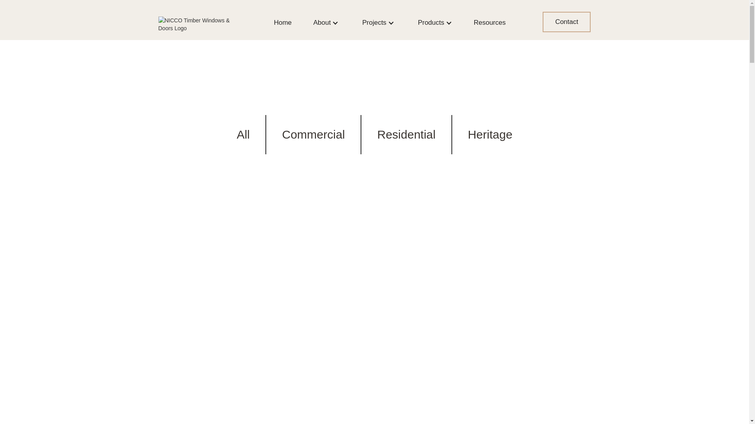 The height and width of the screenshot is (424, 755). I want to click on 'Commercial', so click(313, 134).